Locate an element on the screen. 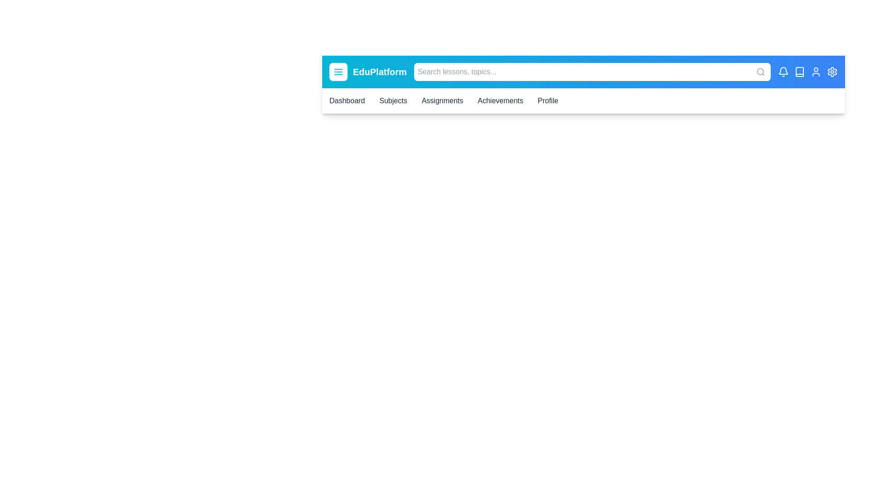 This screenshot has height=489, width=870. the book icon to interact with it is located at coordinates (800, 71).